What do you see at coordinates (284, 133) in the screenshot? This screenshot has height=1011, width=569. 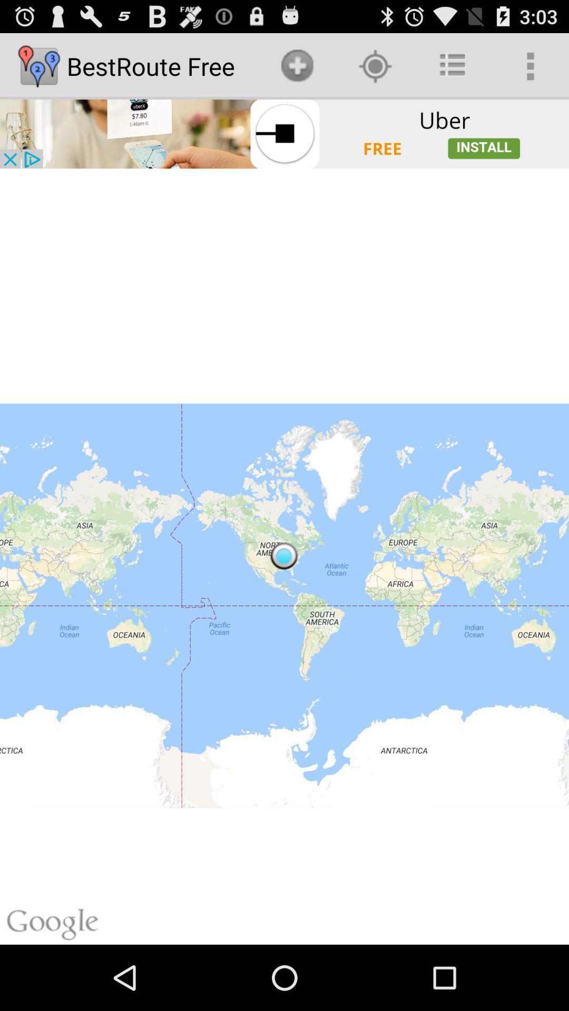 I see `open advertisement` at bounding box center [284, 133].